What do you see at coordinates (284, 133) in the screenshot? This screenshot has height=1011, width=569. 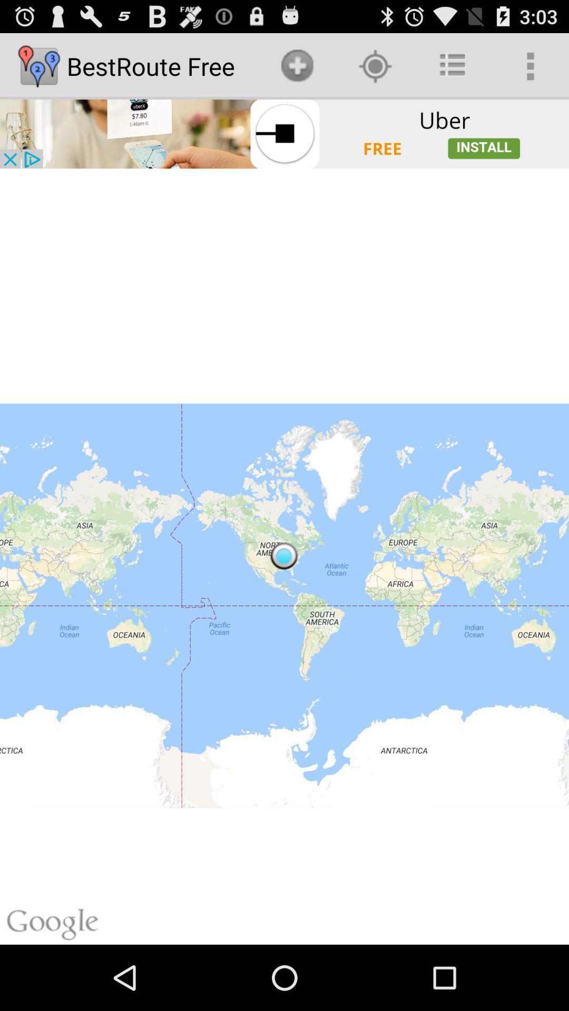 I see `open advertisement` at bounding box center [284, 133].